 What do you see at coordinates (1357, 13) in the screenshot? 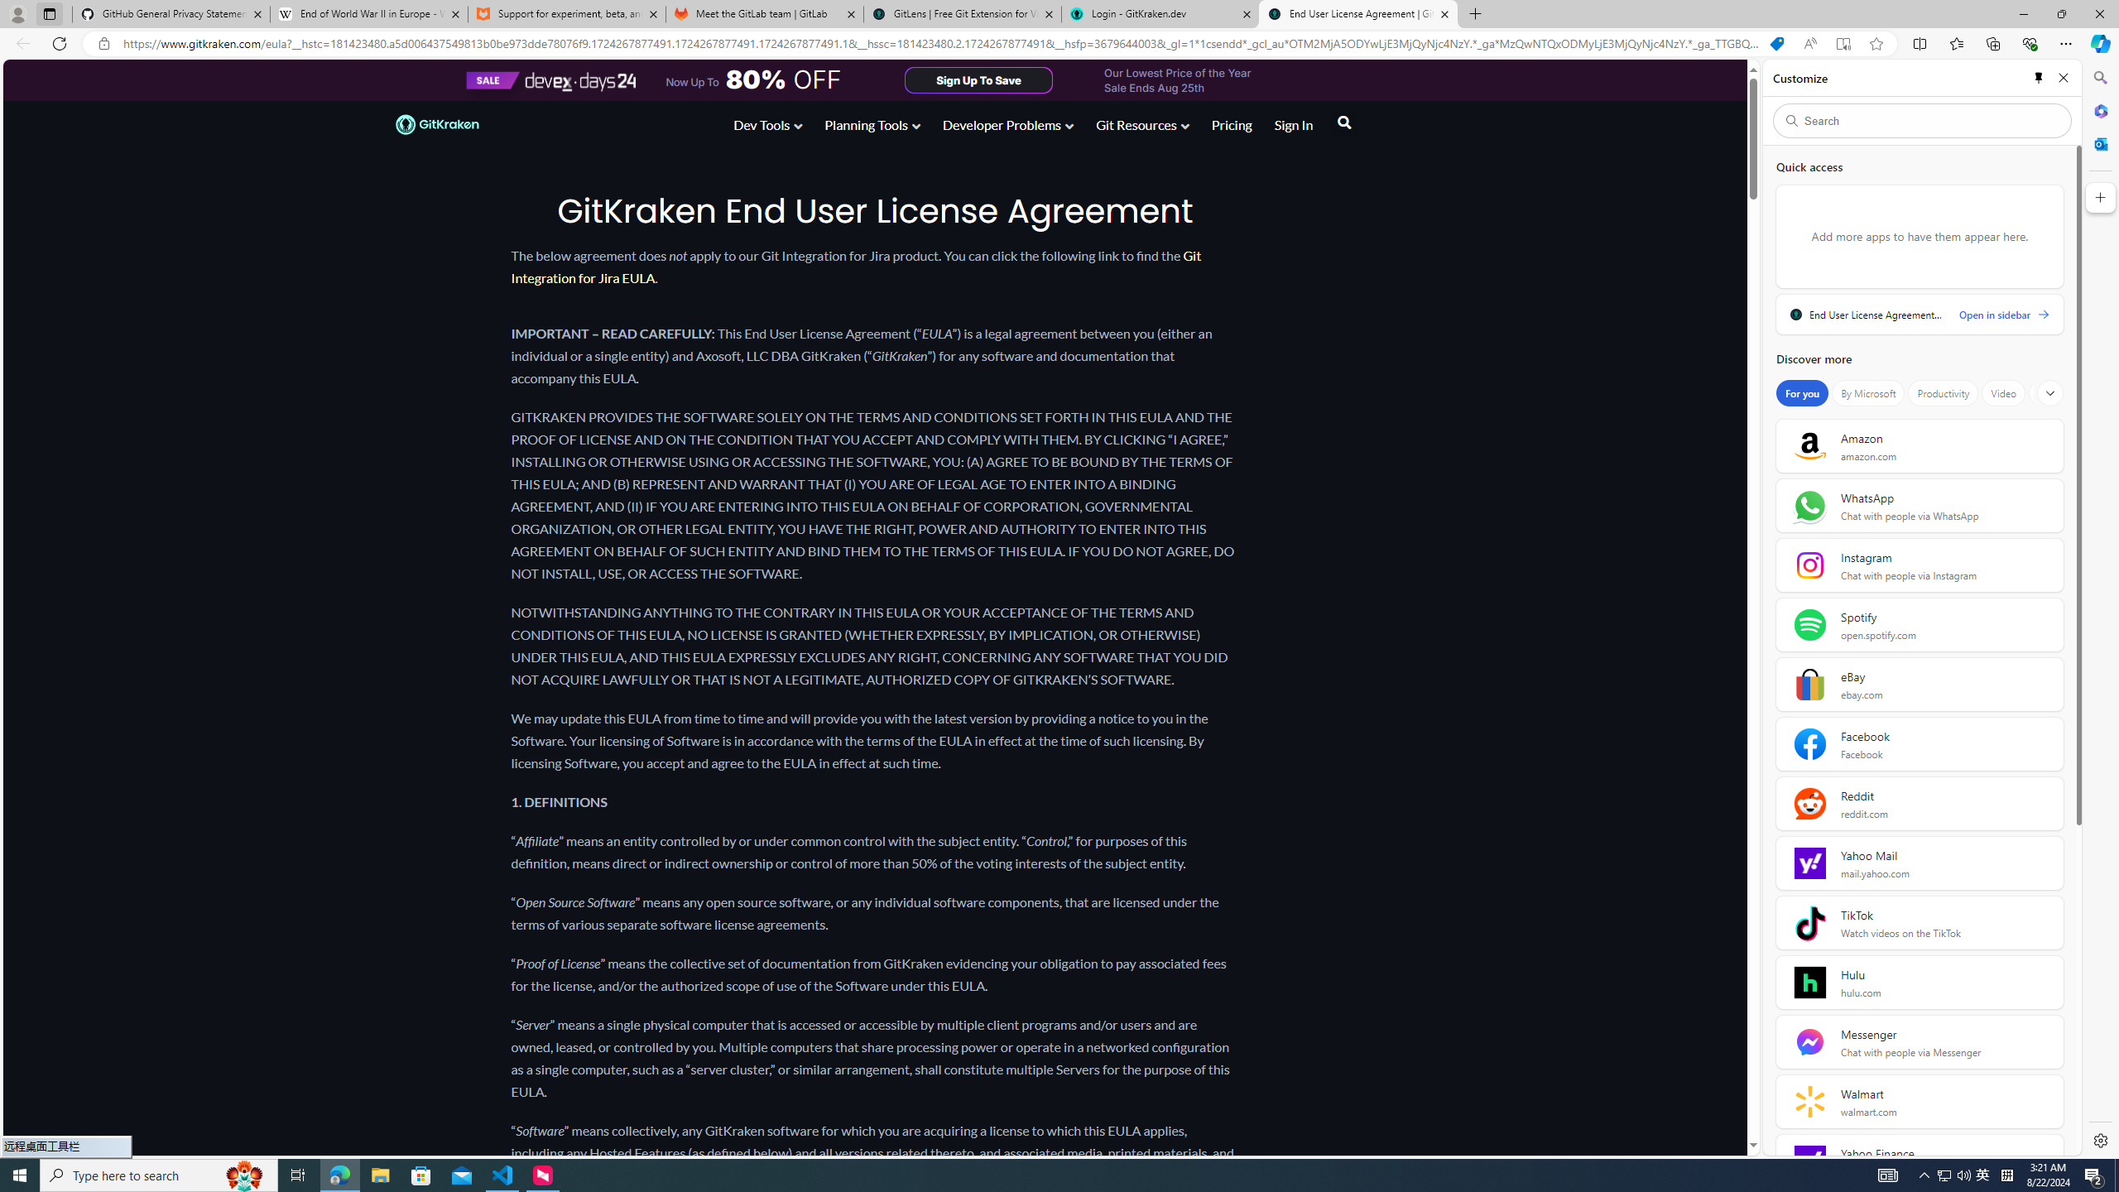
I see `'End User License Agreement | GitKraken'` at bounding box center [1357, 13].